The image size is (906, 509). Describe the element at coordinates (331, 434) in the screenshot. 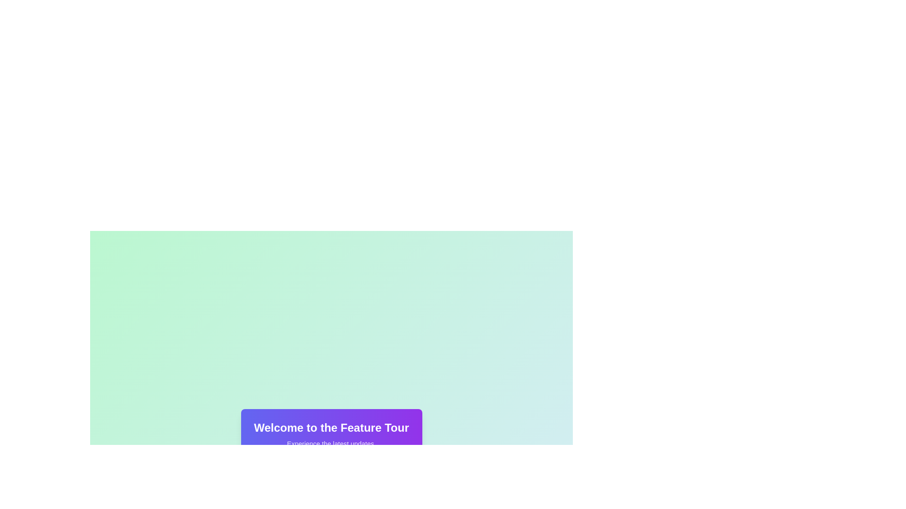

I see `the text block with a gradient background that reads 'Welcome to the Feature Tour' for accessibility` at that location.